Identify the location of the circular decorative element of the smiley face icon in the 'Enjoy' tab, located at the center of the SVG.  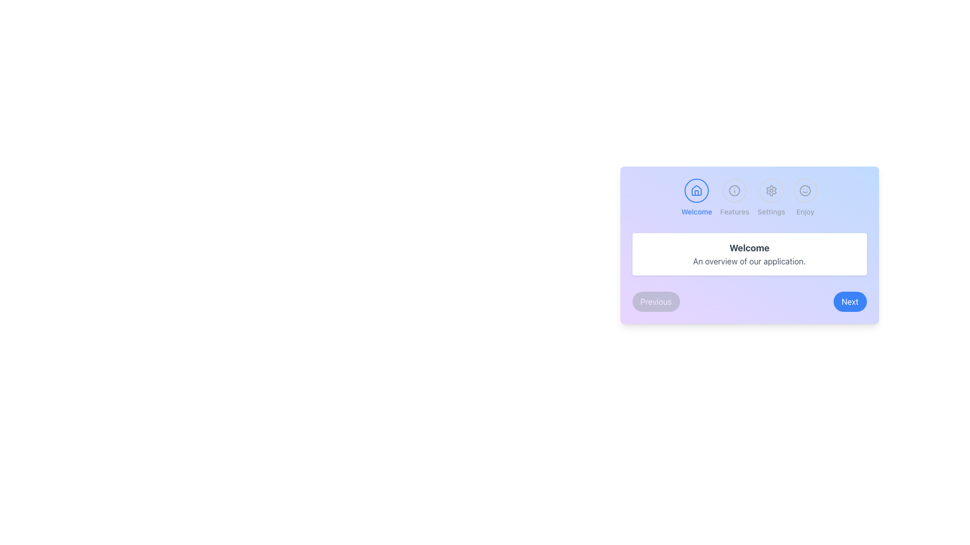
(805, 191).